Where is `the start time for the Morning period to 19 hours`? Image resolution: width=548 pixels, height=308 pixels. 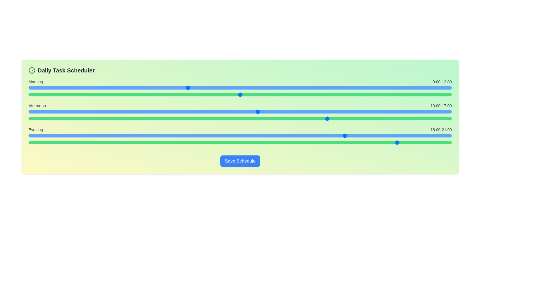 the start time for the Morning period to 19 hours is located at coordinates (363, 88).